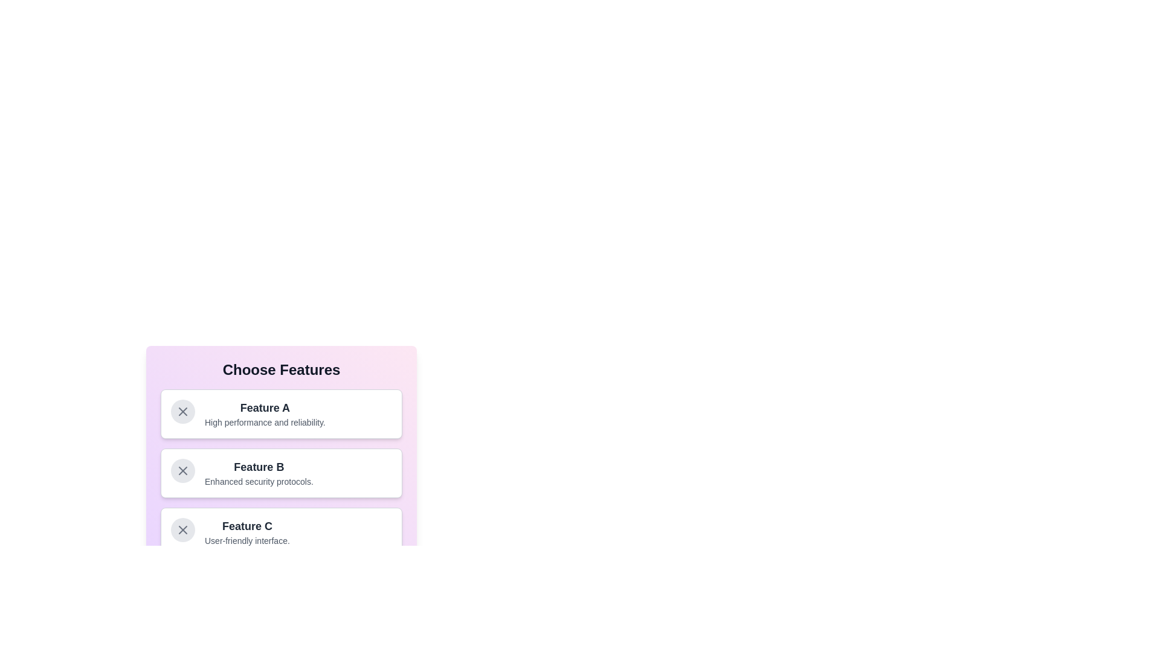 Image resolution: width=1160 pixels, height=652 pixels. What do you see at coordinates (258, 481) in the screenshot?
I see `the text element displaying 'Enhanced security protocols.' which is styled with a smaller font size and gray color, located below the title 'Feature B' on the second card in the 'Choose Features' section` at bounding box center [258, 481].